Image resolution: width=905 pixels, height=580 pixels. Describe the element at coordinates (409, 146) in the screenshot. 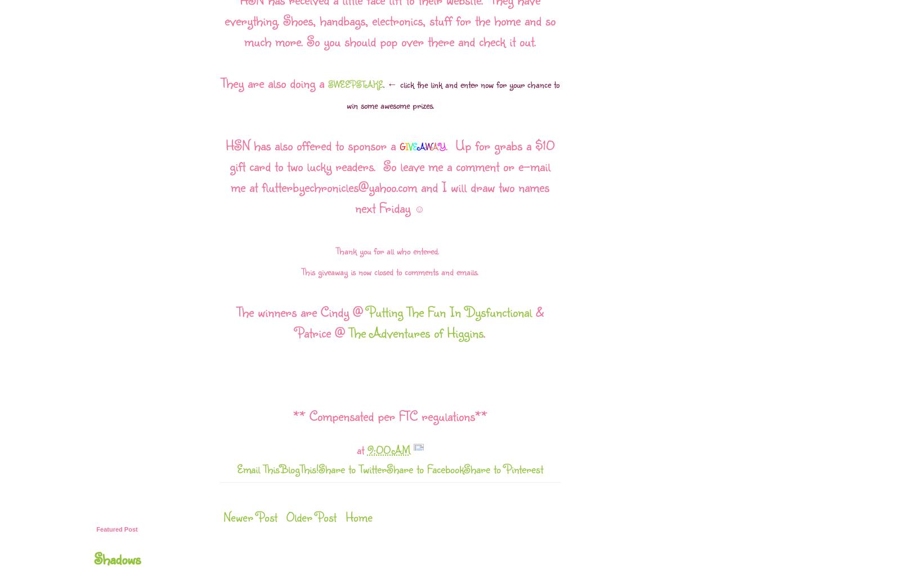

I see `'V'` at that location.